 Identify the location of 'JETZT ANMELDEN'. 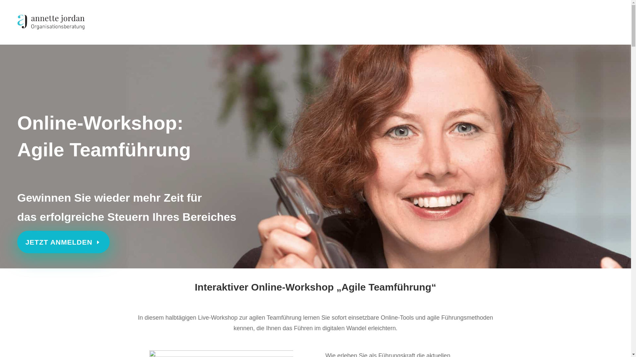
(63, 242).